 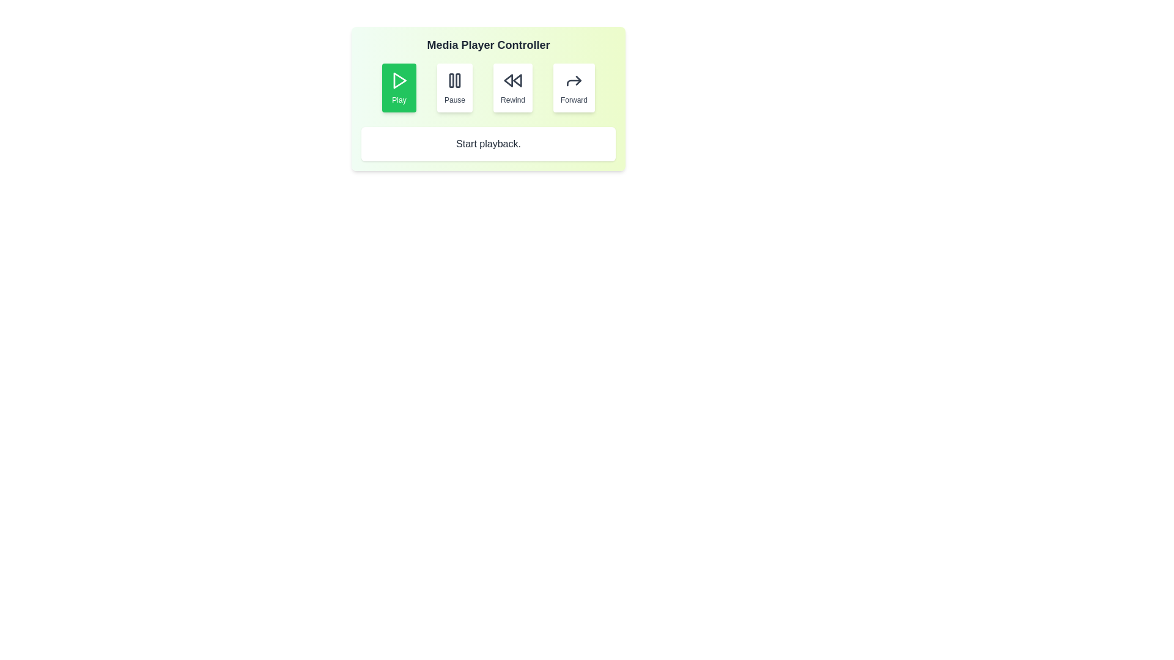 I want to click on the Play button to perform the corresponding playback action, so click(x=399, y=87).